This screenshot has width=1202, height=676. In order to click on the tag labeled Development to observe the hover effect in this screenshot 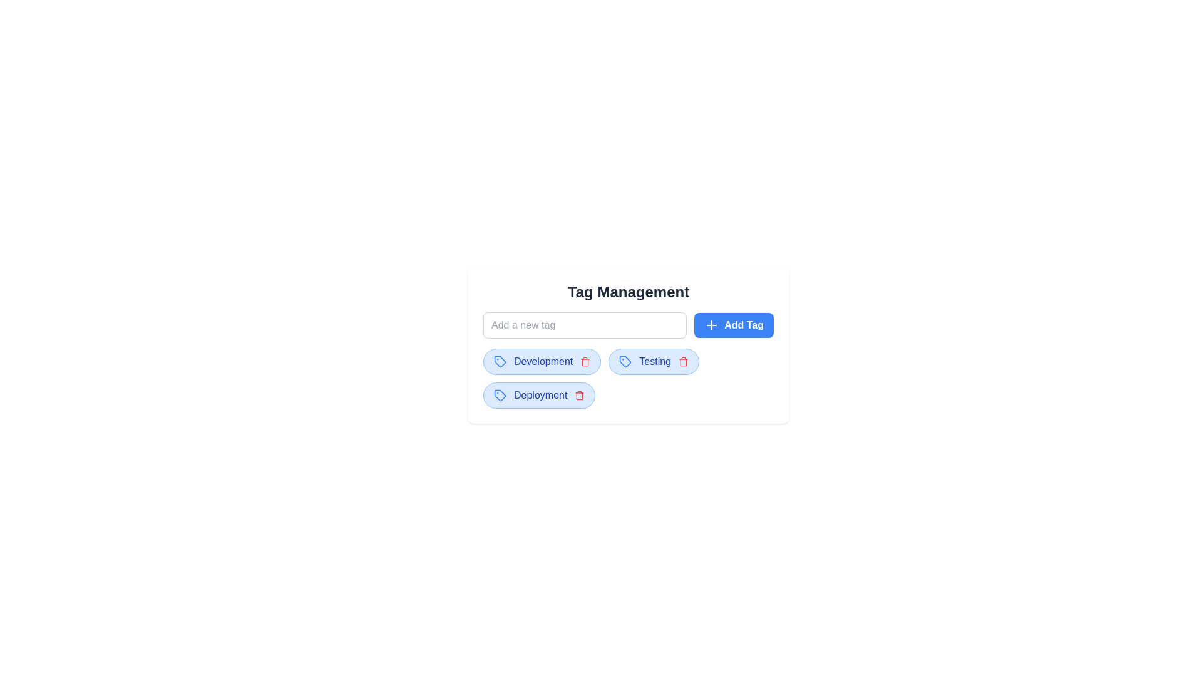, I will do `click(542, 362)`.